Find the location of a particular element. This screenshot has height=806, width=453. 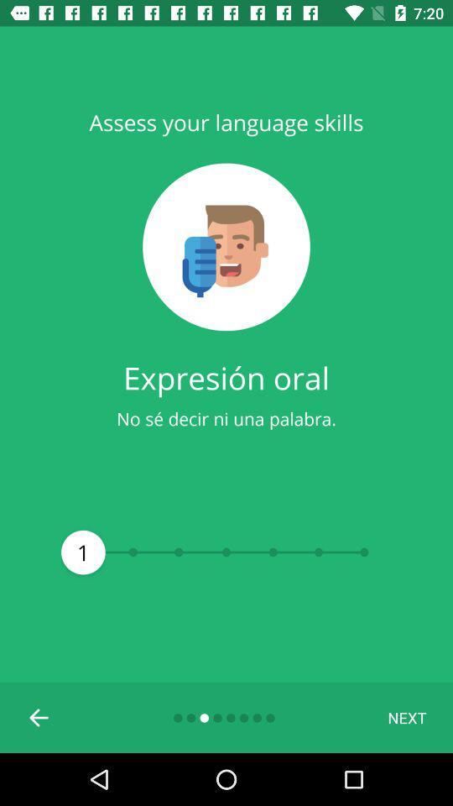

item at the bottom left corner is located at coordinates (39, 716).